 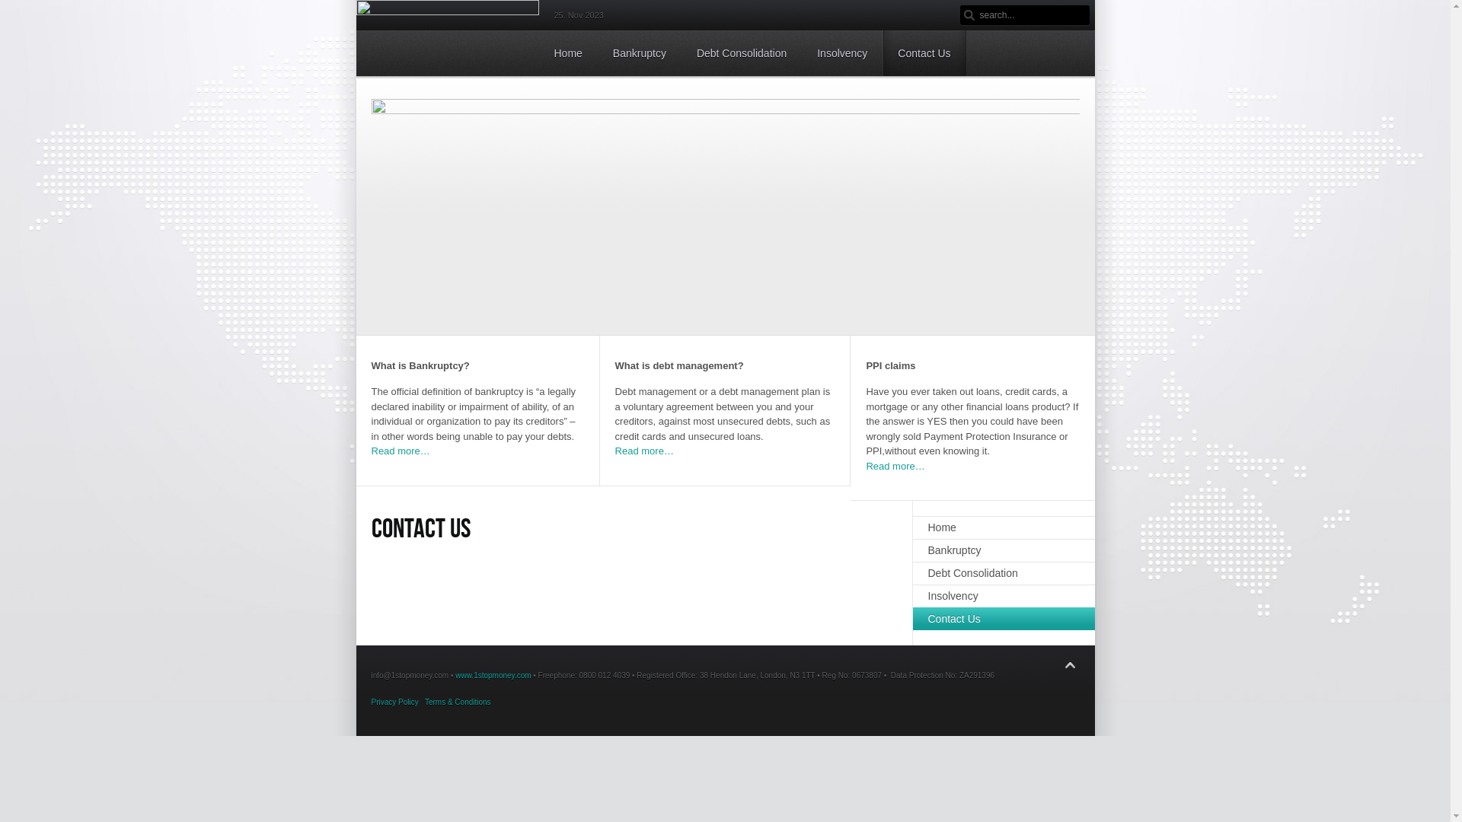 I want to click on 'www.1stopmoney.com', so click(x=493, y=674).